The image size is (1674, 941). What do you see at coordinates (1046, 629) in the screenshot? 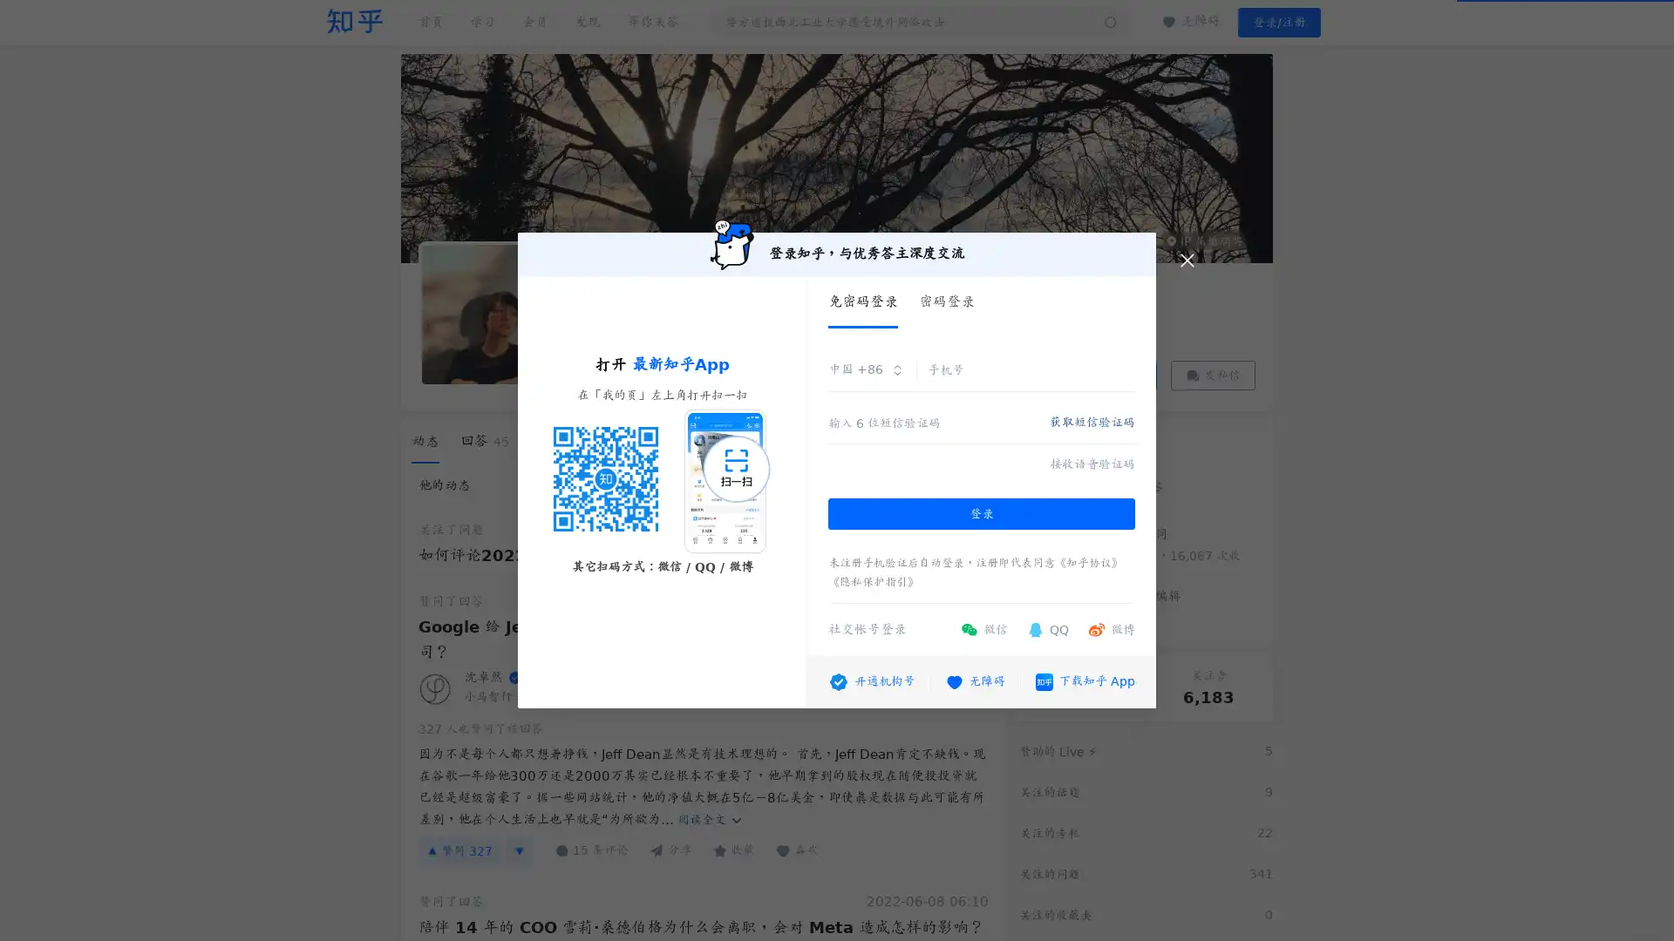
I see `QQ` at bounding box center [1046, 629].